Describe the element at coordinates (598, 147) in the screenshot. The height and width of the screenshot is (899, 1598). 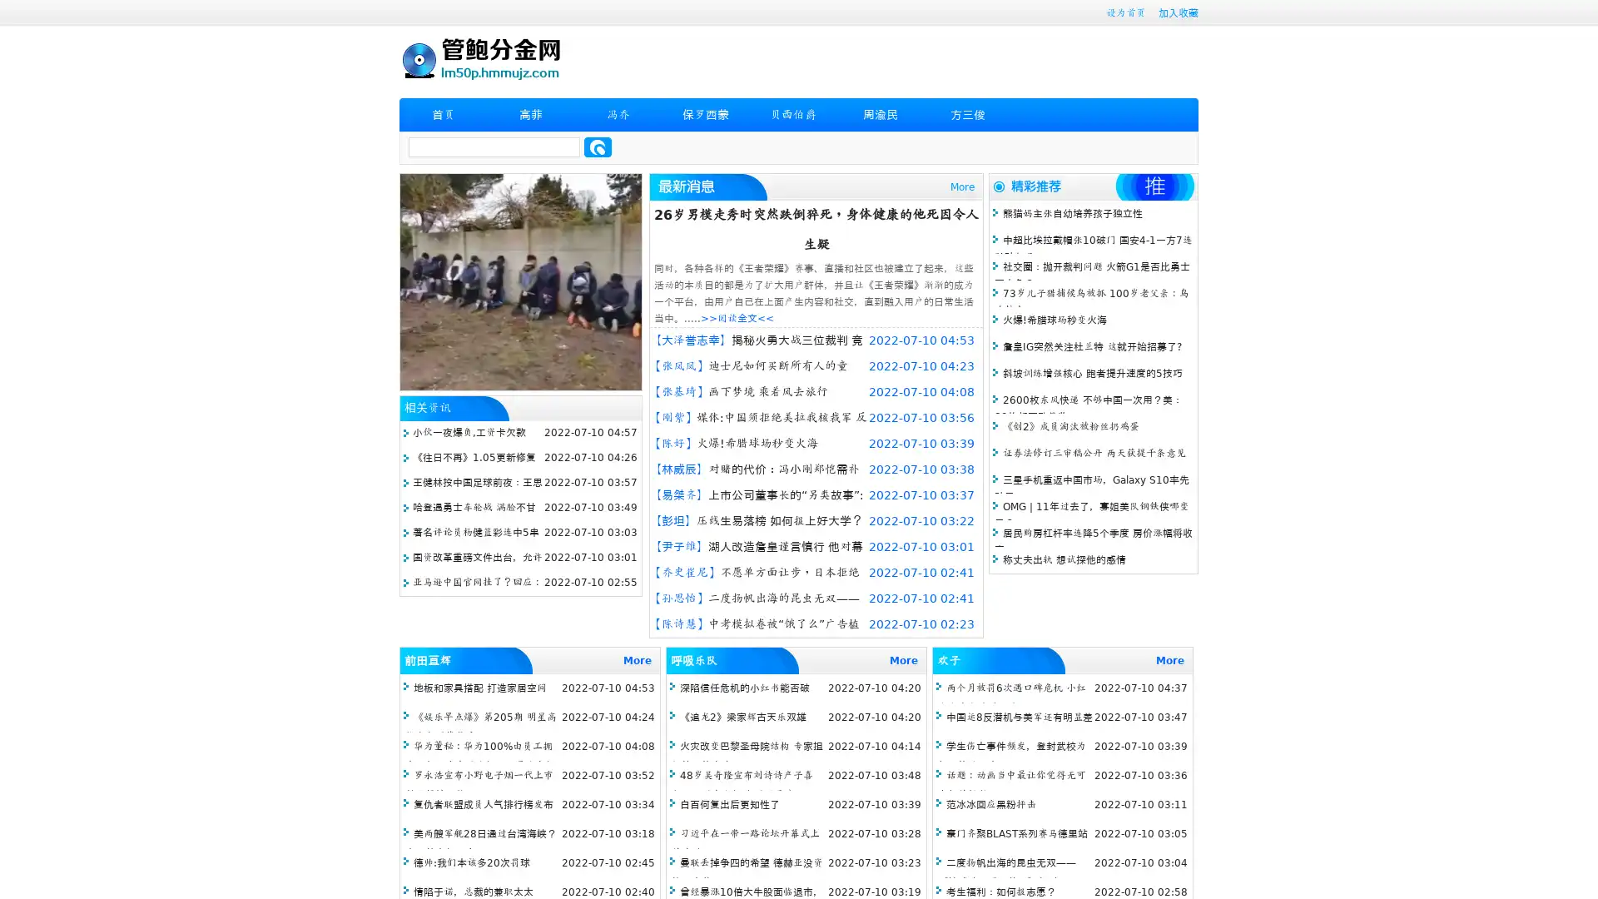
I see `Search` at that location.